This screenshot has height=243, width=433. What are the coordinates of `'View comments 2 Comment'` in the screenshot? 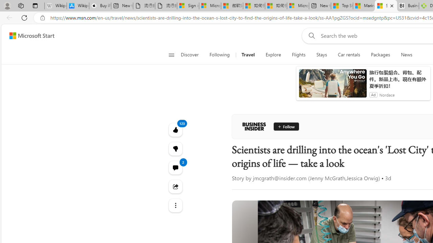 It's located at (175, 167).